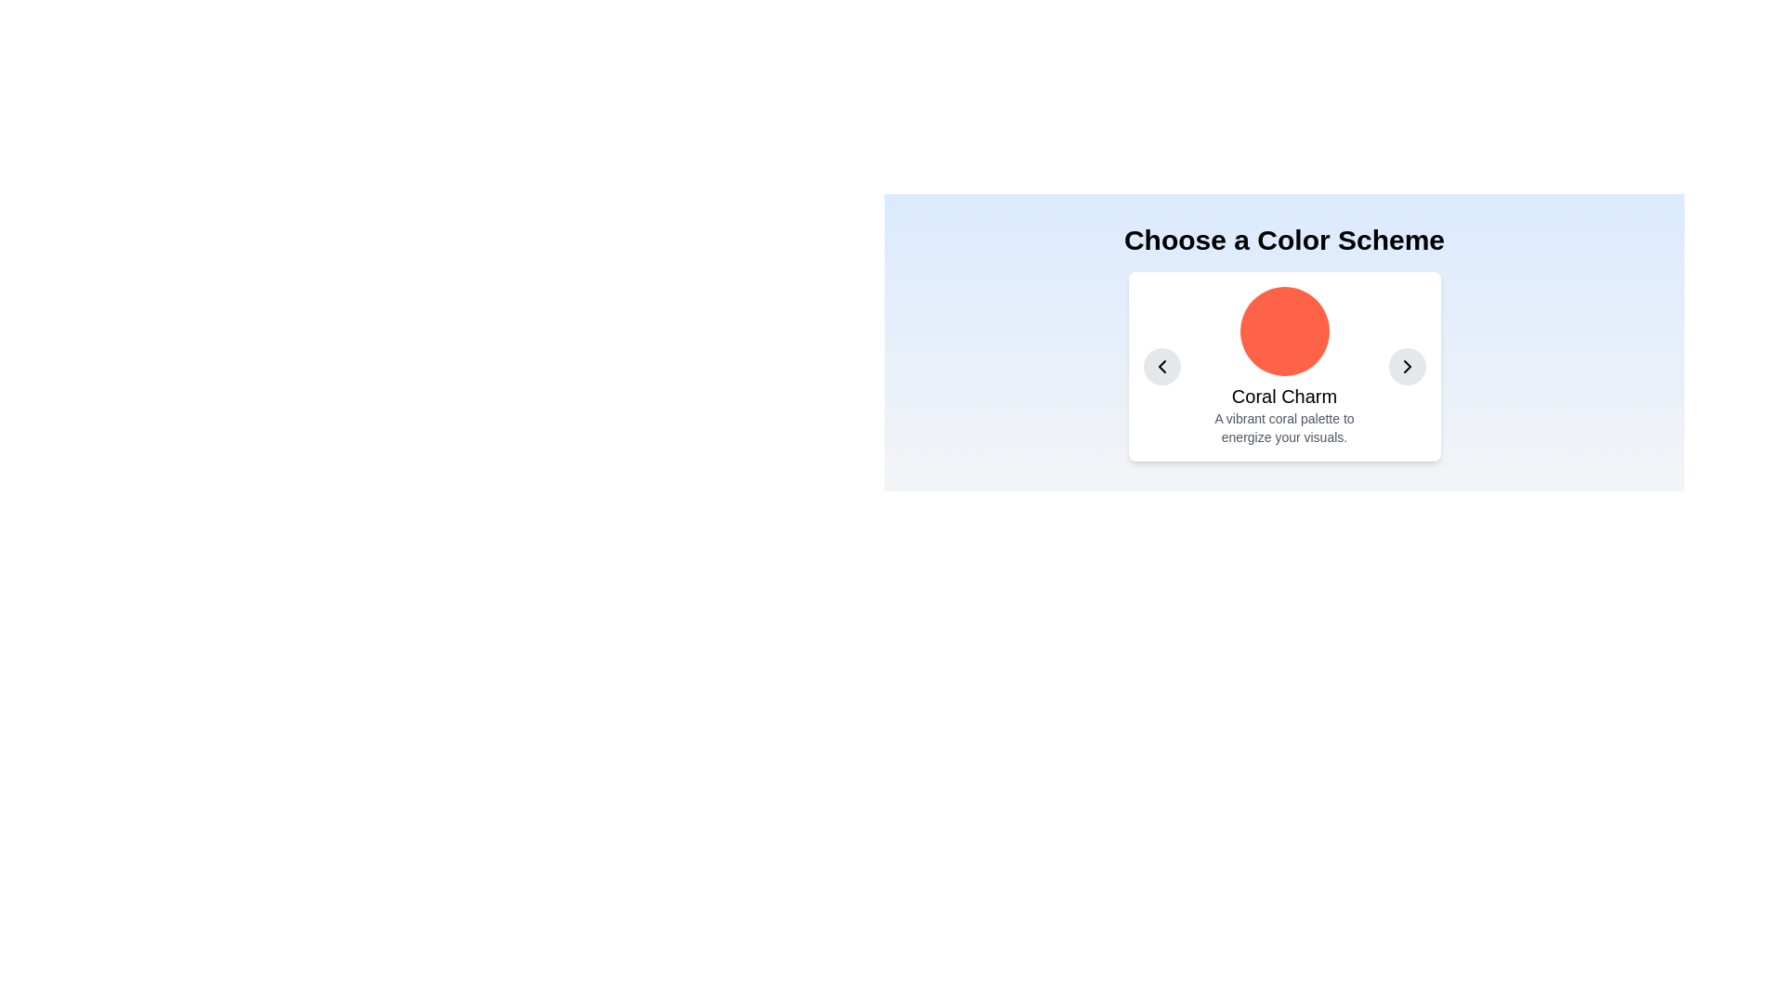 The width and height of the screenshot is (1784, 1003). I want to click on the interactive navigation control icon within the circular button located on the right side of the panel underneath the 'Choose a Color Scheme' heading, so click(1407, 366).